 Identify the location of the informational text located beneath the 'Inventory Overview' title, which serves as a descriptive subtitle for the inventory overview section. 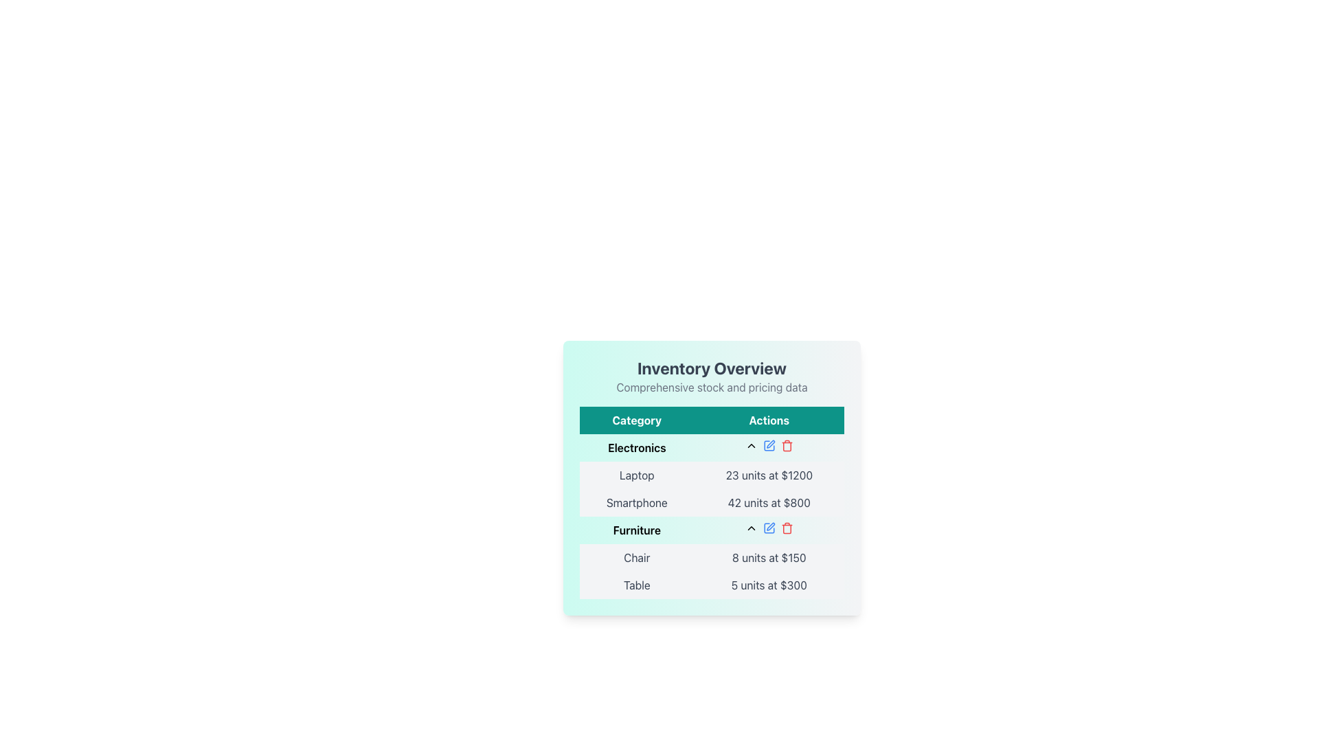
(712, 387).